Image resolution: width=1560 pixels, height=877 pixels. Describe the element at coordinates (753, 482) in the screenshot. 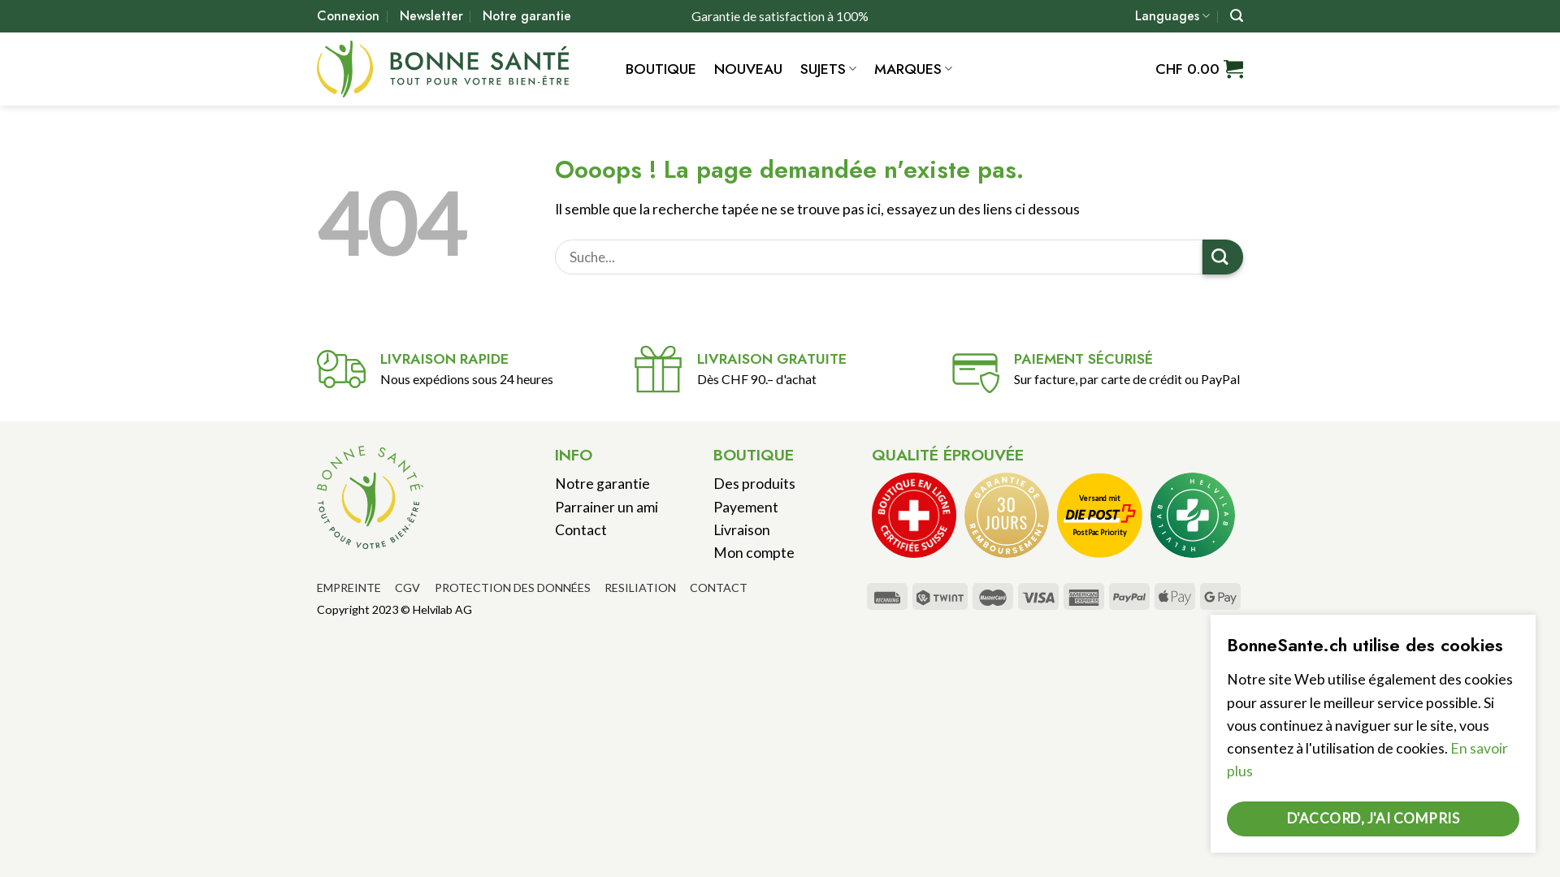

I see `'Des produits'` at that location.